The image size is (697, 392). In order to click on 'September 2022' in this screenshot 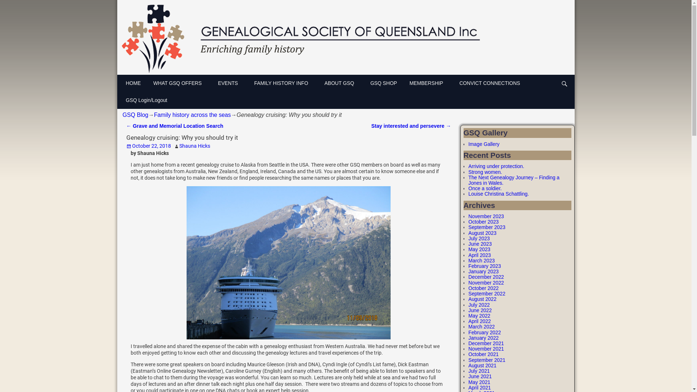, I will do `click(468, 293)`.